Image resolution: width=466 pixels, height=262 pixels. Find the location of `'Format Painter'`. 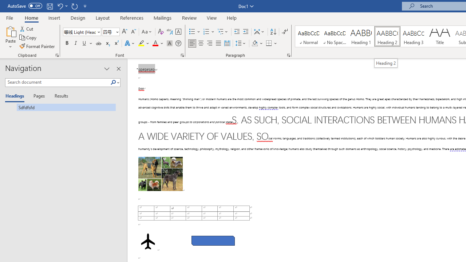

'Format Painter' is located at coordinates (37, 46).